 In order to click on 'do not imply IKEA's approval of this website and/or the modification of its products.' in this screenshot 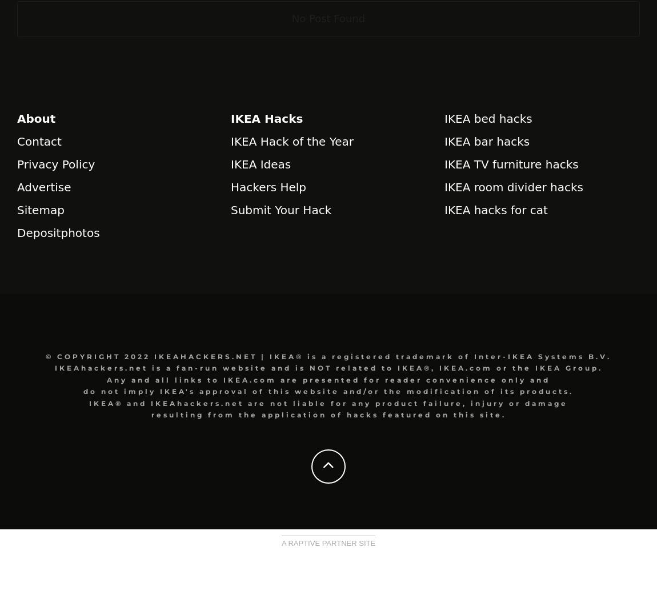, I will do `click(328, 391)`.